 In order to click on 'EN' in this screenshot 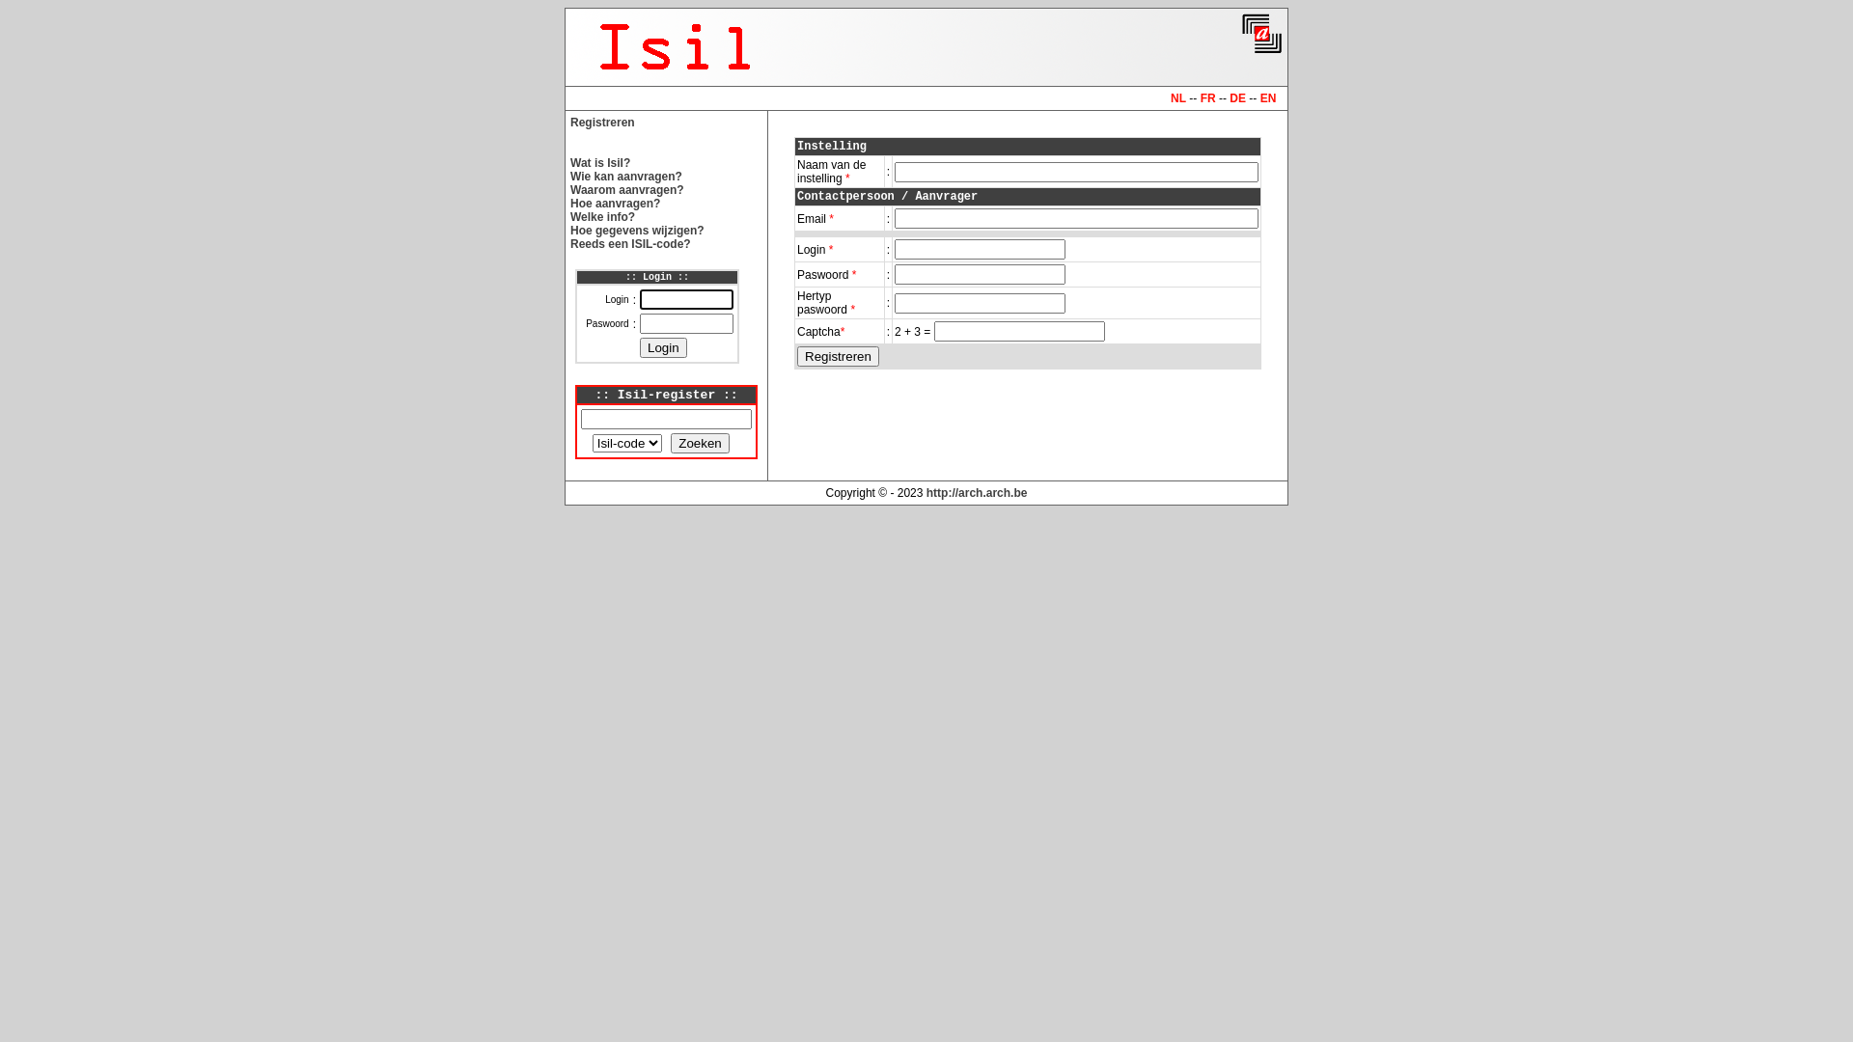, I will do `click(1268, 97)`.